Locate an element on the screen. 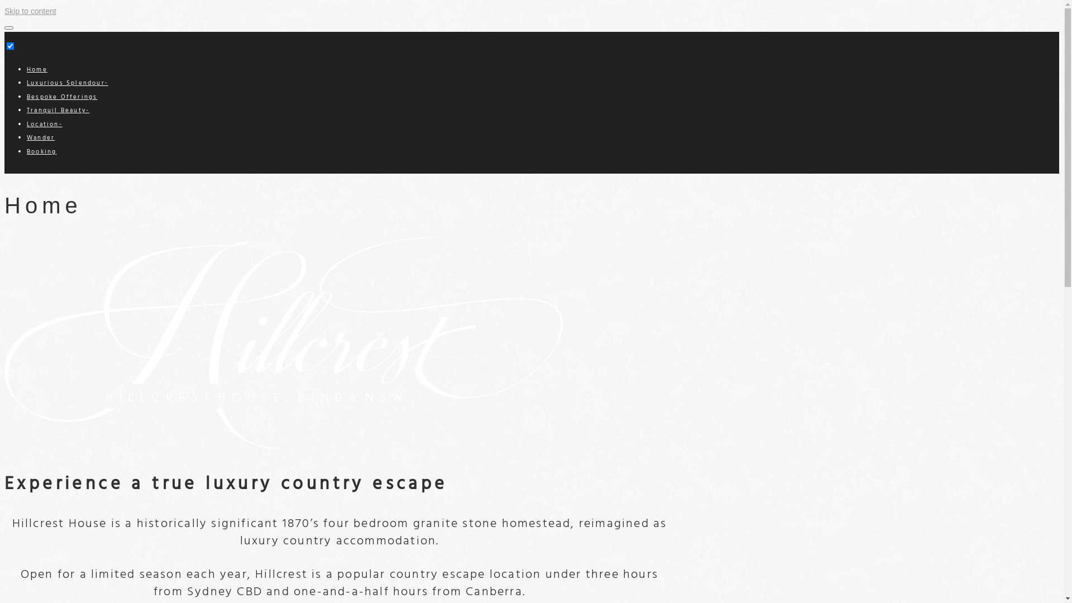 This screenshot has height=603, width=1072. 'Home' is located at coordinates (37, 69).